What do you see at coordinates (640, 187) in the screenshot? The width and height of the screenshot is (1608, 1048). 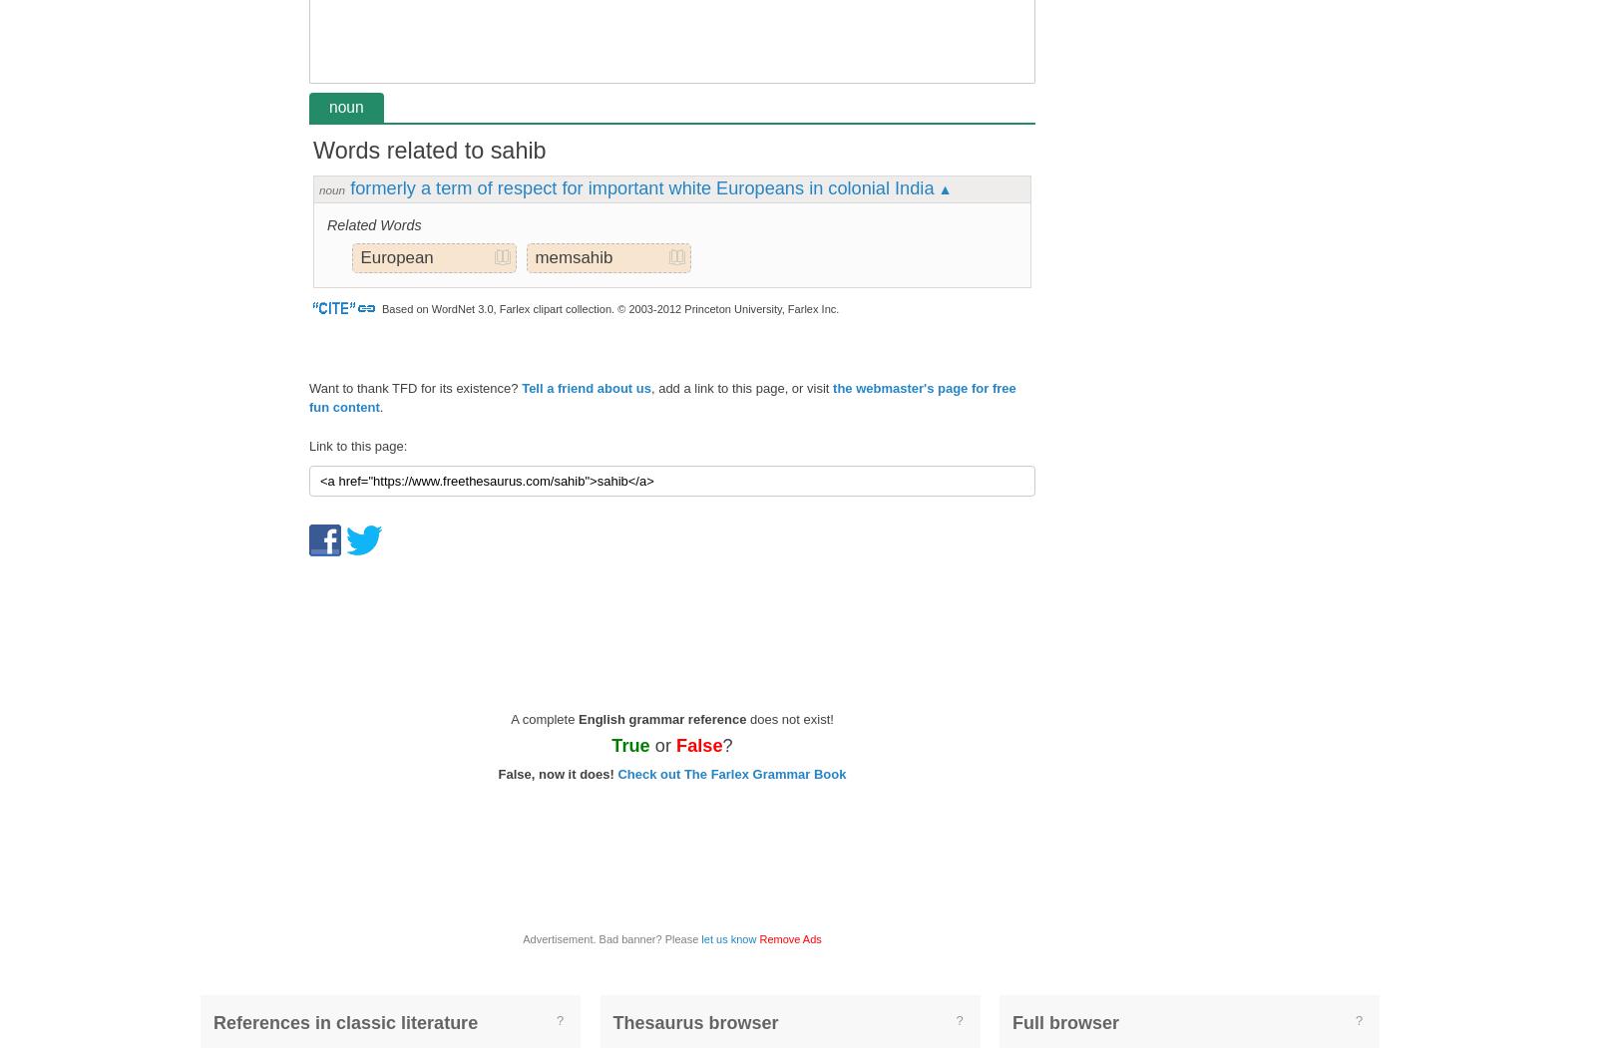 I see `'formerly a term of respect for important white Europeans in colonial India'` at bounding box center [640, 187].